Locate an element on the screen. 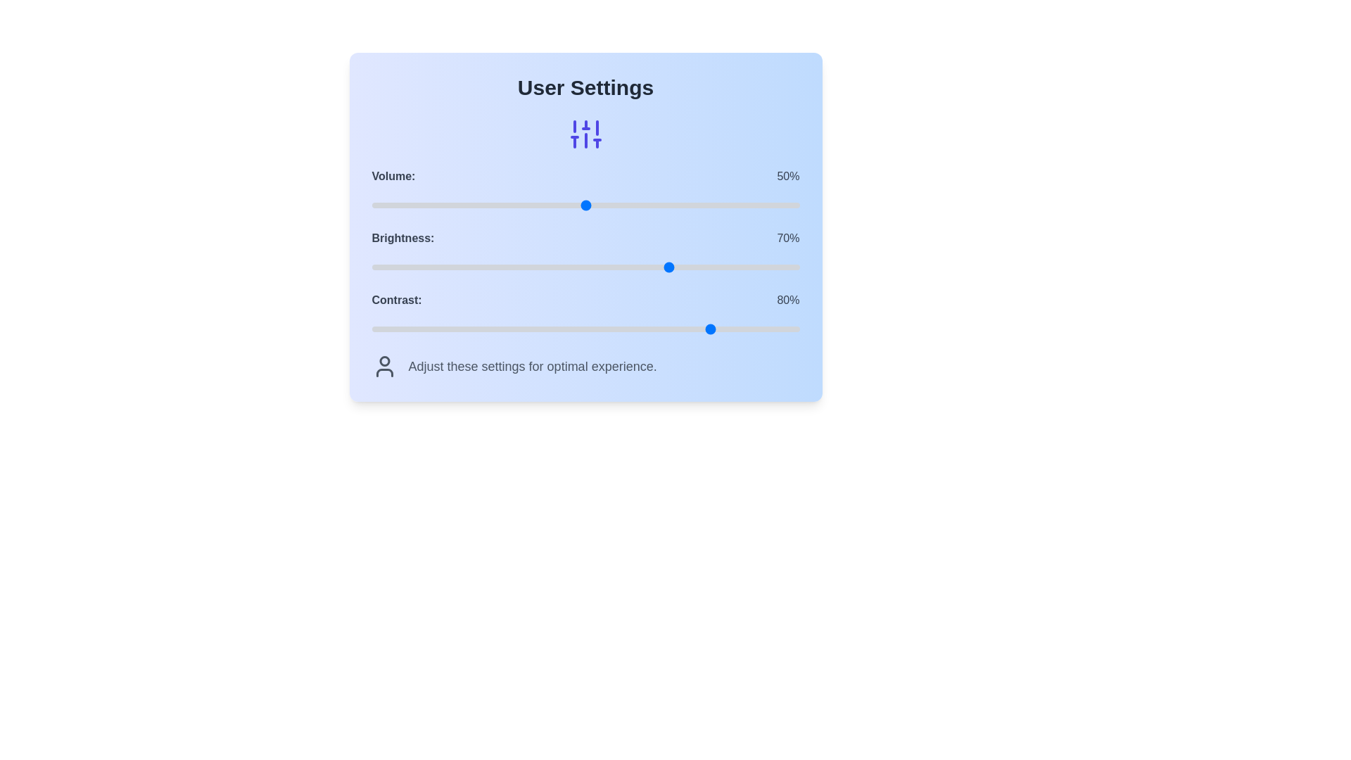  brightness is located at coordinates (512, 267).